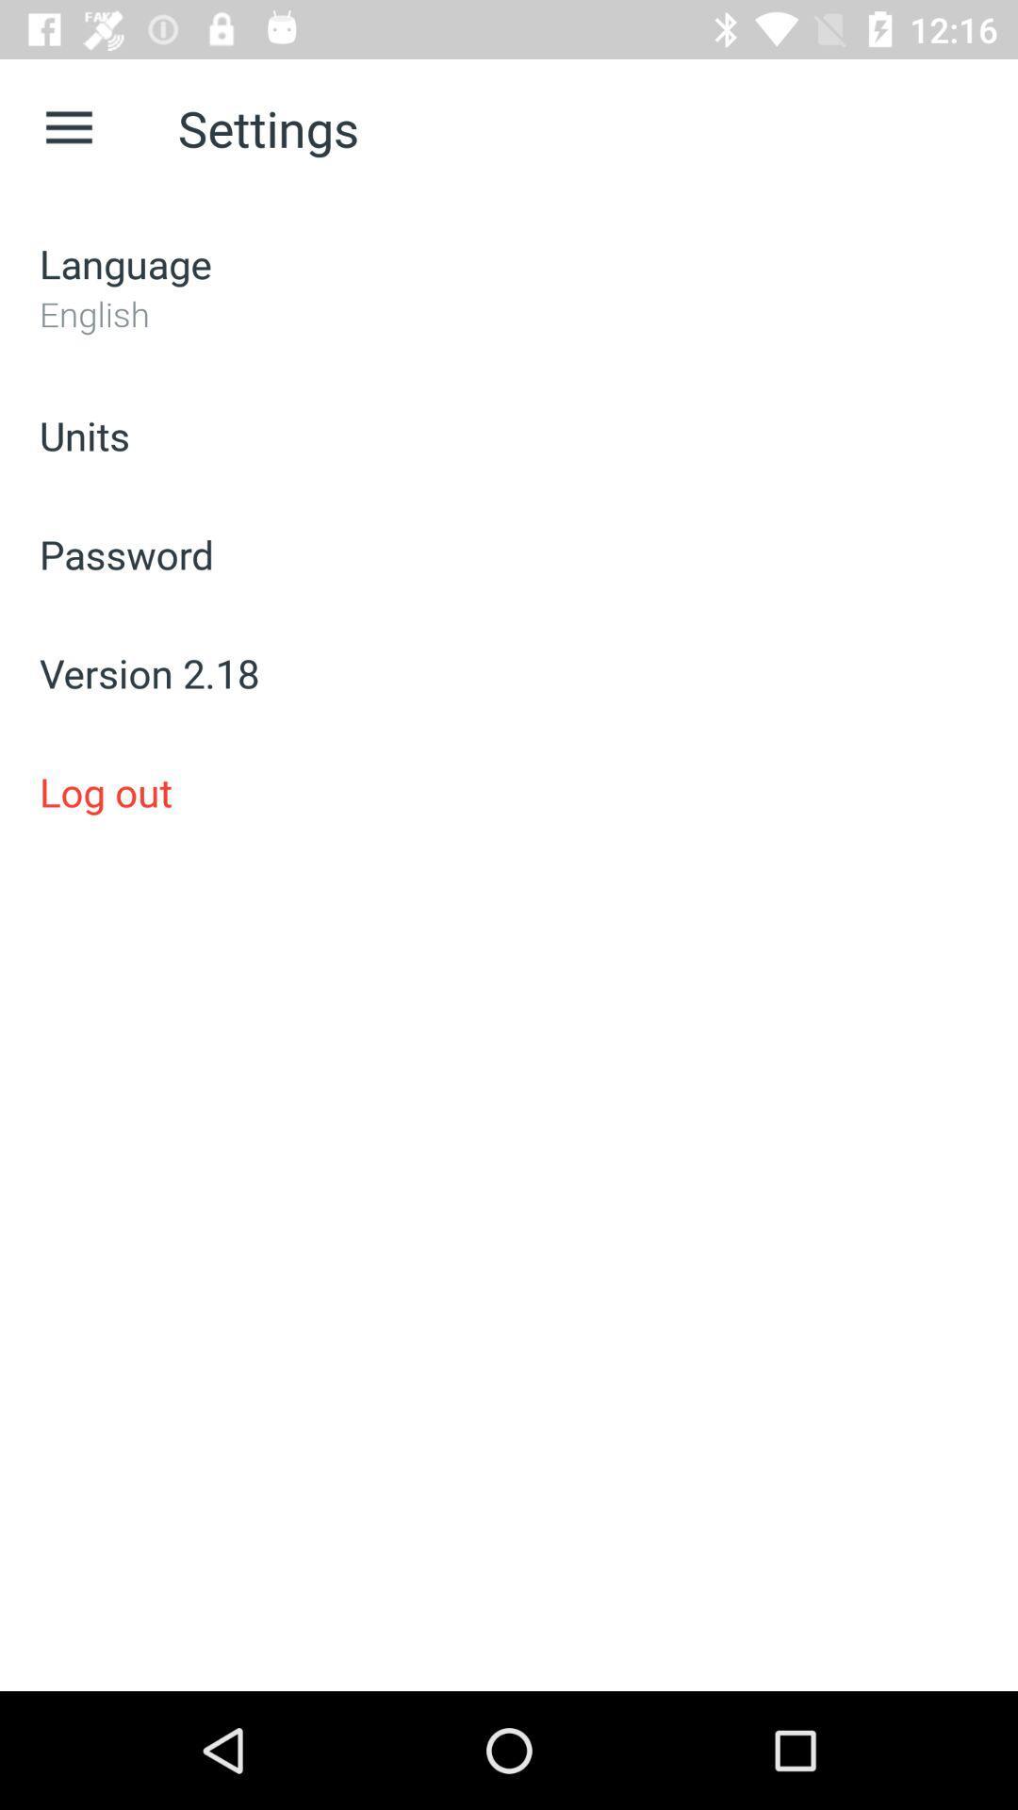 The height and width of the screenshot is (1810, 1018). I want to click on icon above language icon, so click(68, 127).